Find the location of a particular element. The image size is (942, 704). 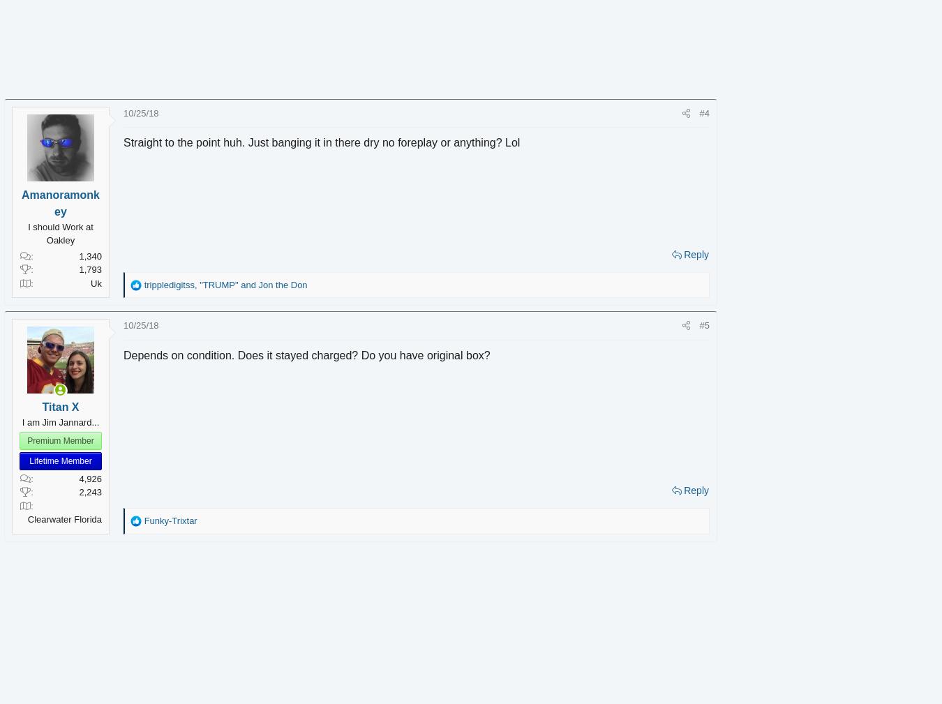

',' is located at coordinates (216, 283).